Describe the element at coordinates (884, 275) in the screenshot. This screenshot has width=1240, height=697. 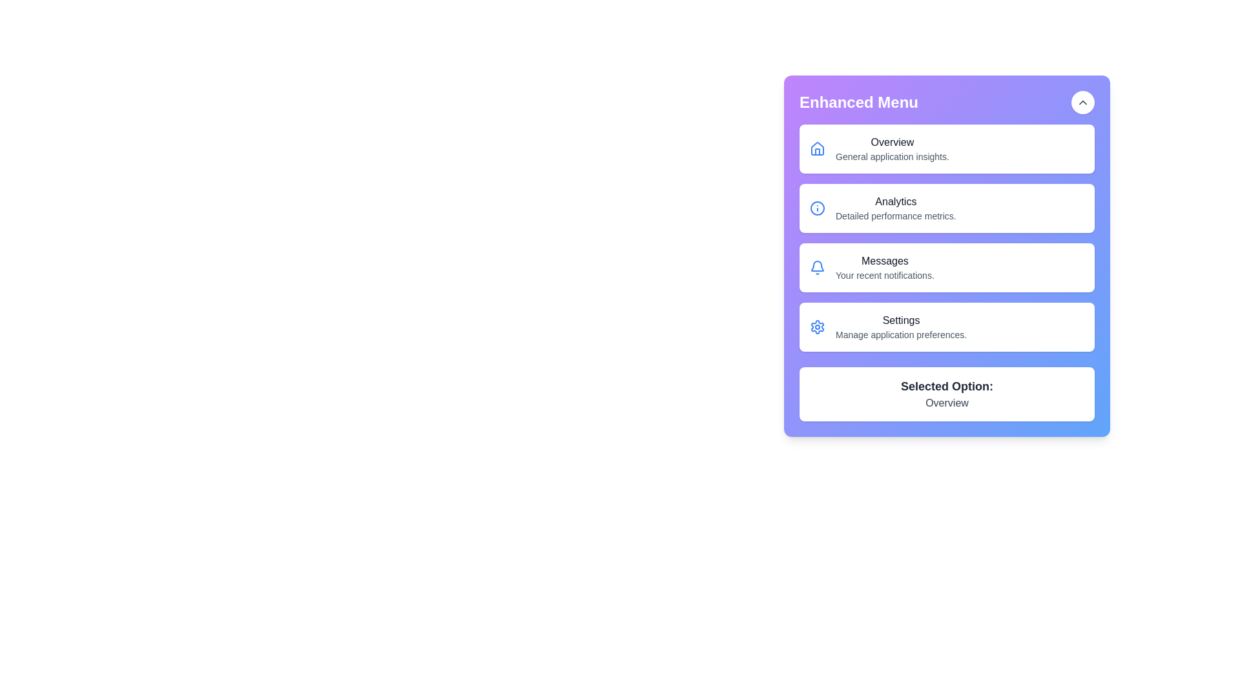
I see `the text snippet that reads 'Your recent notifications.' located beneath the 'Messages' heading in the 'Enhanced Menu' sidebar` at that location.